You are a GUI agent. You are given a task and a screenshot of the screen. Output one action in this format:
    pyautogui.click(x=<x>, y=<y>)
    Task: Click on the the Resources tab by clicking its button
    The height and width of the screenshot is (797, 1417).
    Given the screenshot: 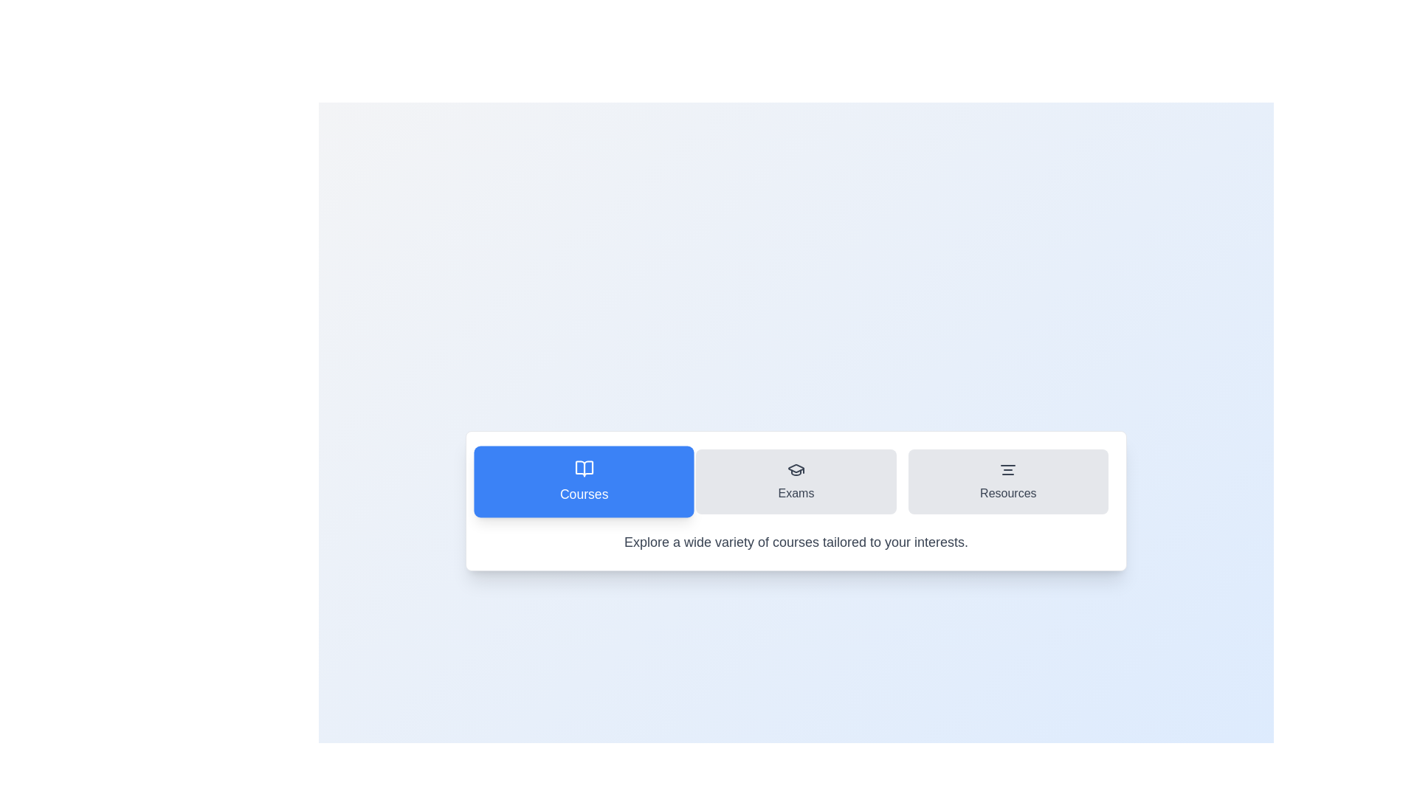 What is the action you would take?
    pyautogui.click(x=1007, y=481)
    